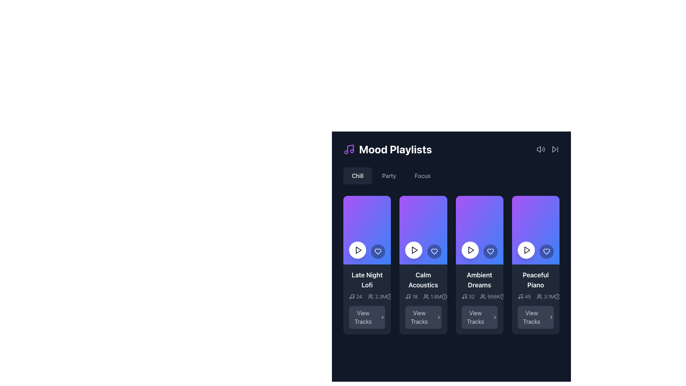  I want to click on the SVG Circle element that is part of the clock icon located in the 'Late Night Lofi' card, positioned at the bottom-right corner of the interface, so click(389, 296).